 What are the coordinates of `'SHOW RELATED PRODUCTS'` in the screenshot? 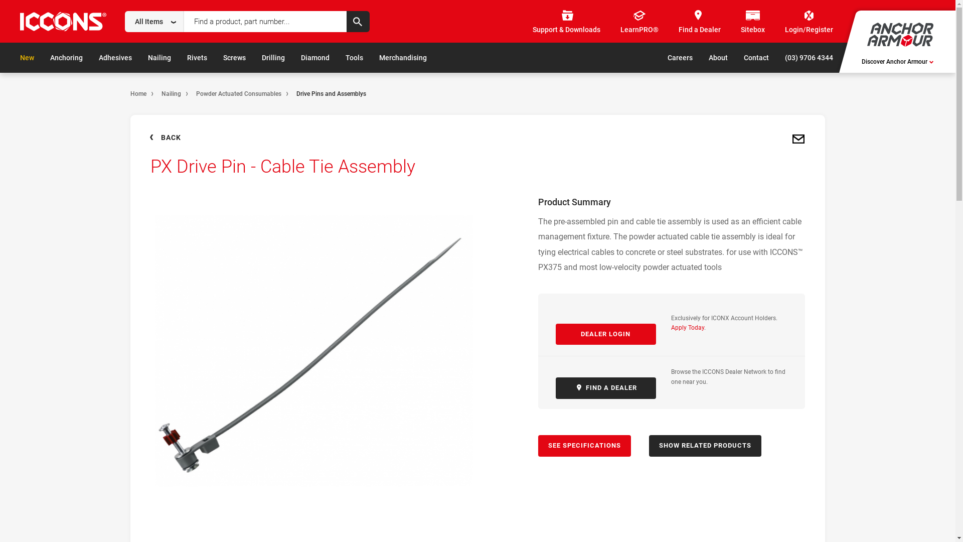 It's located at (649, 445).